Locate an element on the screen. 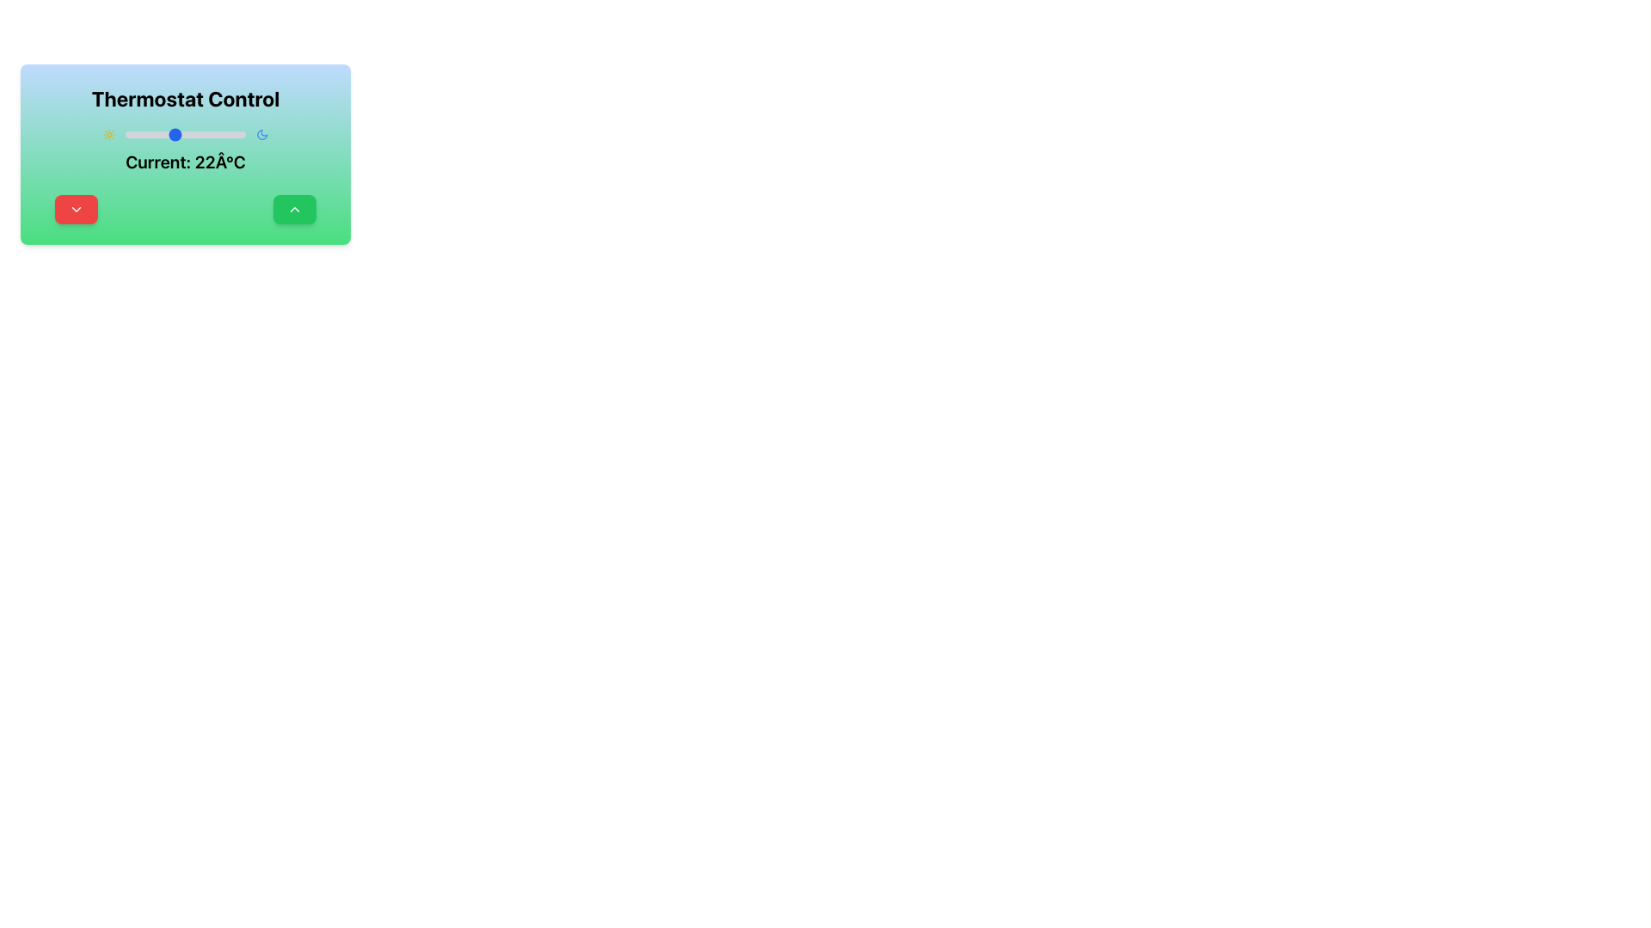 This screenshot has height=928, width=1651. temperature is located at coordinates (236, 134).